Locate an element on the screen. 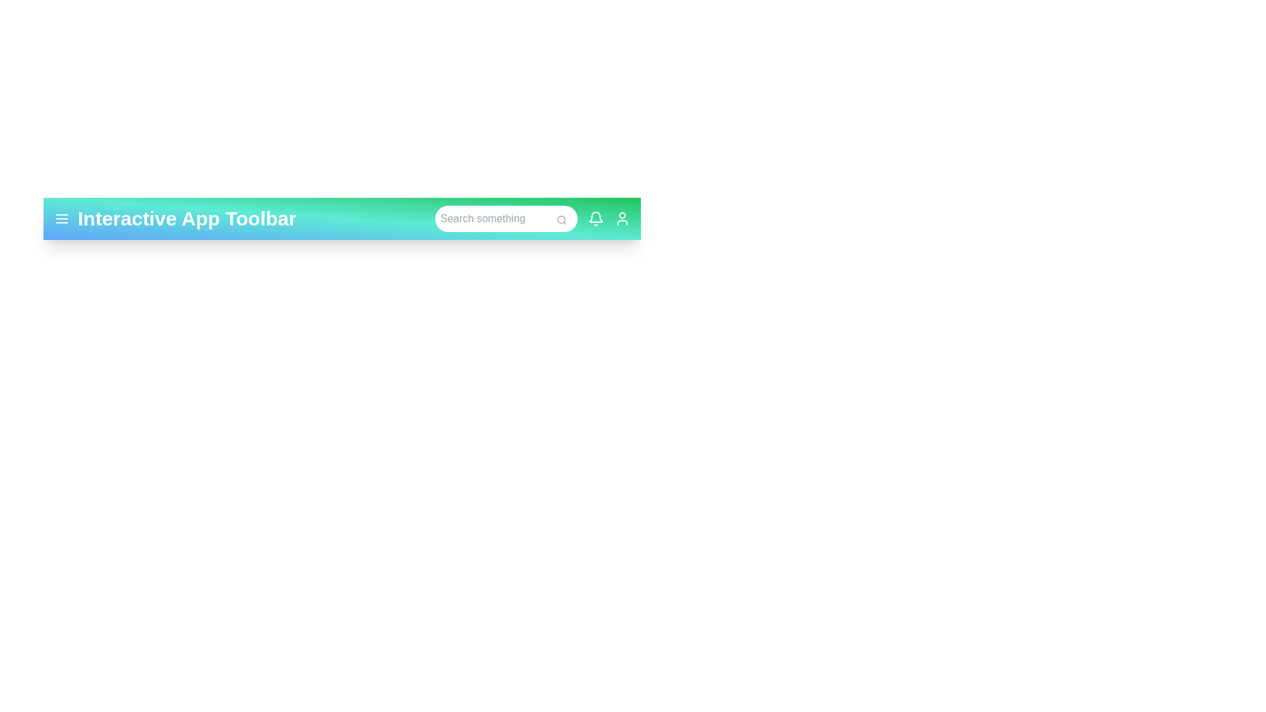 This screenshot has width=1266, height=712. the user icon to access user-related actions is located at coordinates (622, 218).